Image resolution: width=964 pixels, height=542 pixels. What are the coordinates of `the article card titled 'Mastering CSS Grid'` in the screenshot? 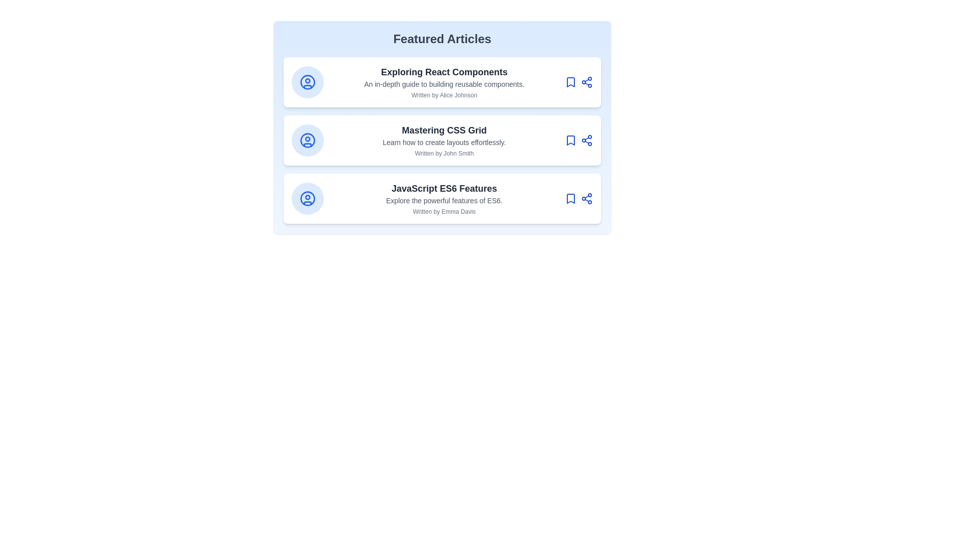 It's located at (442, 141).